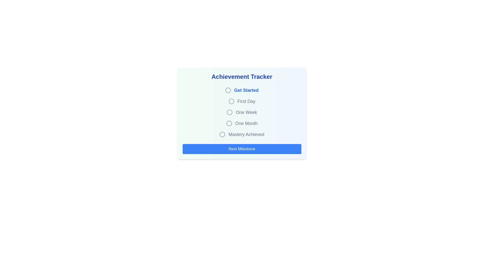 This screenshot has width=483, height=271. I want to click on the radio button corresponding to the 'One Week' option, which is a circular icon with a gray ring and white inner area, located in the vertical list under the 'Achievement Tracker' header, so click(229, 112).